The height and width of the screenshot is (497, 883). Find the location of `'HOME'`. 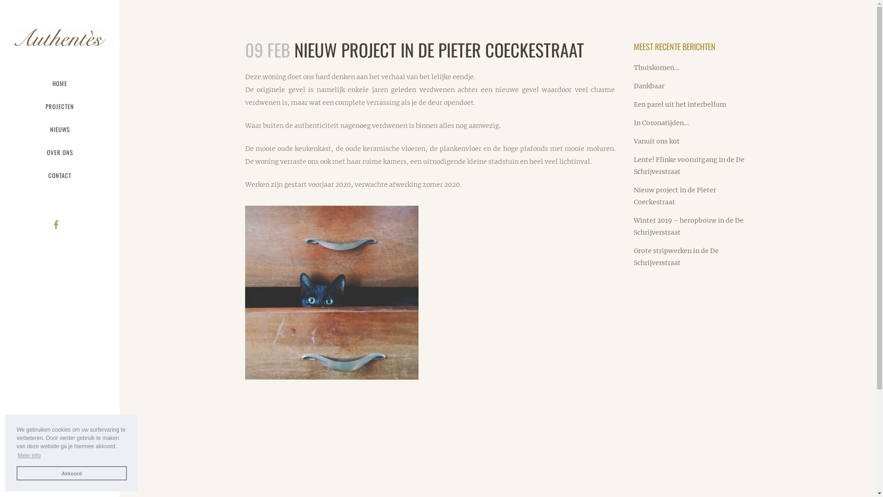

'HOME' is located at coordinates (13, 83).